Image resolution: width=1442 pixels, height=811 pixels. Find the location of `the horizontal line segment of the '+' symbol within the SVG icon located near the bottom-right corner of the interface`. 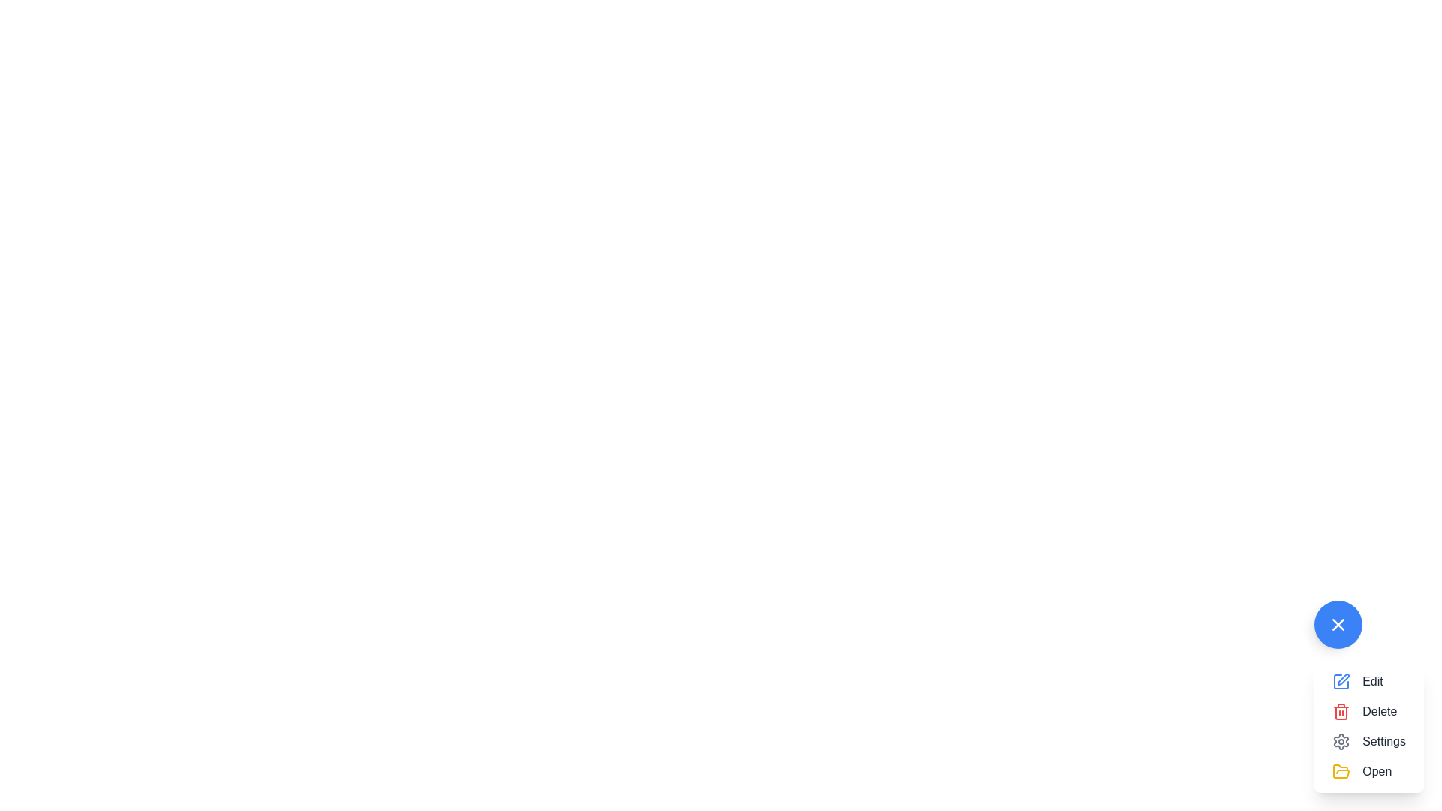

the horizontal line segment of the '+' symbol within the SVG icon located near the bottom-right corner of the interface is located at coordinates (1338, 625).